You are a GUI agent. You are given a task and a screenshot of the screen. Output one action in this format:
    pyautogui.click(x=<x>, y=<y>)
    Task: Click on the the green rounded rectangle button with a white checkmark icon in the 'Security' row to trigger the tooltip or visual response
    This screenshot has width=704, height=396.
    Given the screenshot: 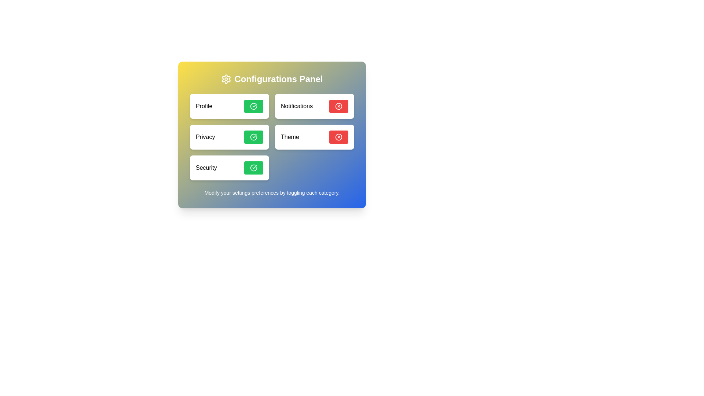 What is the action you would take?
    pyautogui.click(x=253, y=168)
    